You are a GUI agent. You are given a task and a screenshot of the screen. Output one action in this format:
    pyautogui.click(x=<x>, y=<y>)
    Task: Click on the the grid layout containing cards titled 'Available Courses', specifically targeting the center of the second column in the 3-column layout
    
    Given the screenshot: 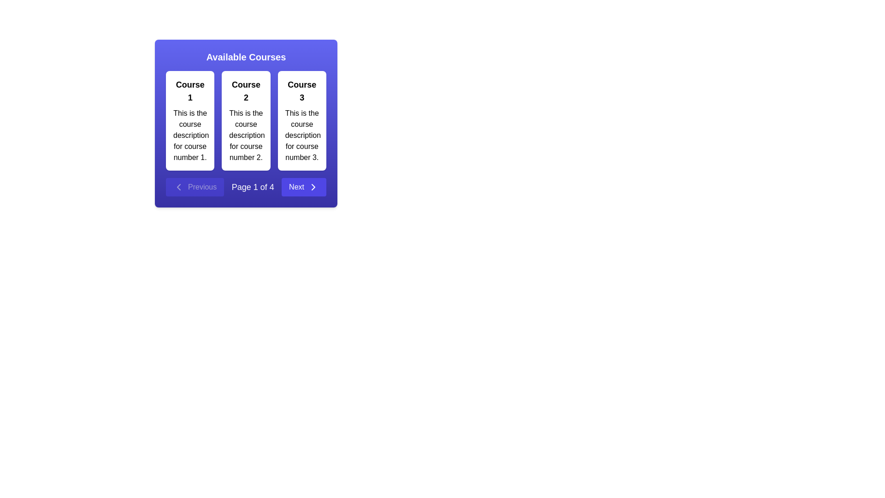 What is the action you would take?
    pyautogui.click(x=246, y=120)
    